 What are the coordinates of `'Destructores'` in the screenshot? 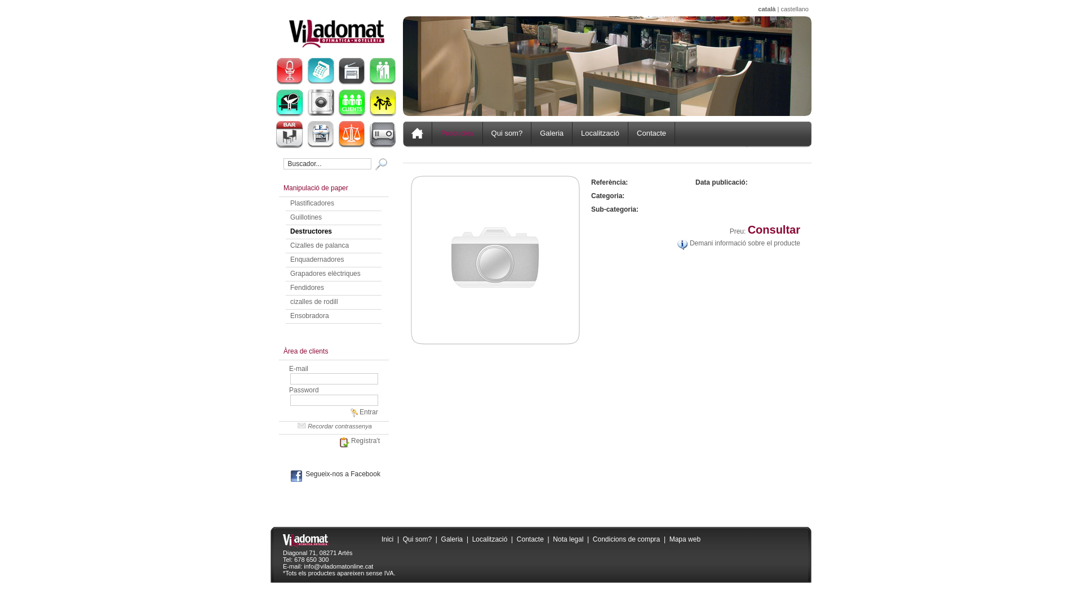 It's located at (311, 231).